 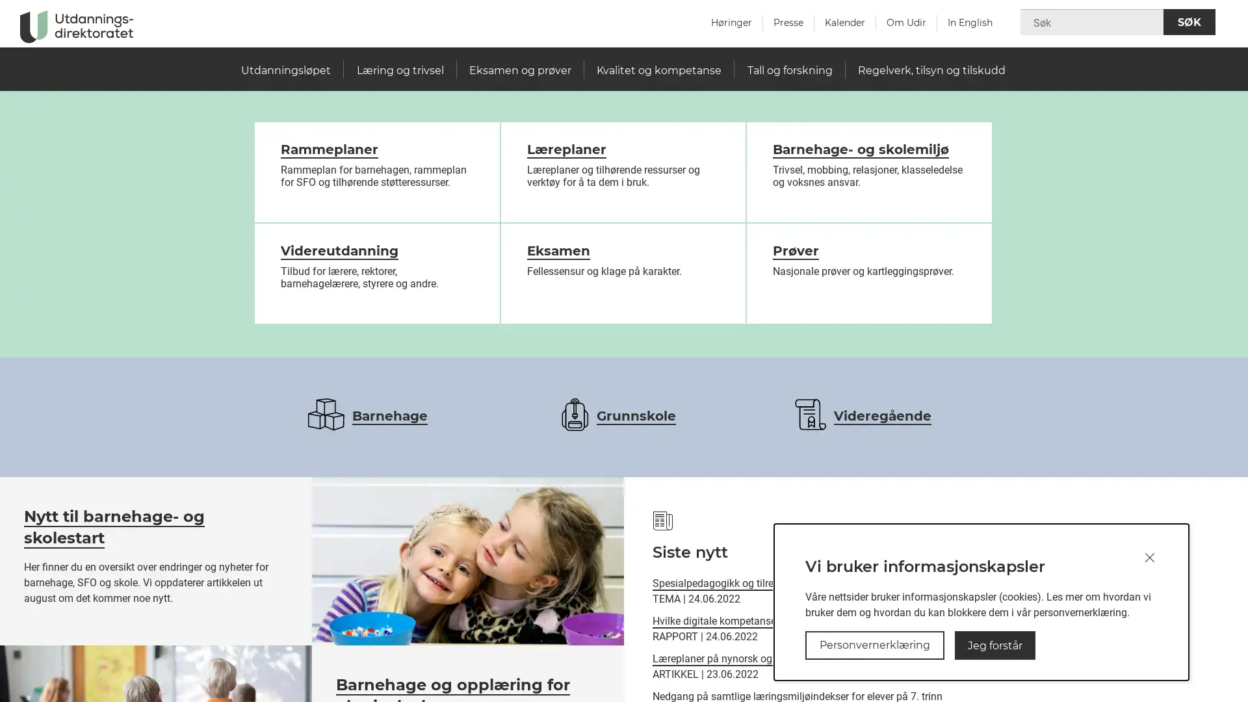 What do you see at coordinates (1189, 22) in the screenshot?
I see `Sk` at bounding box center [1189, 22].